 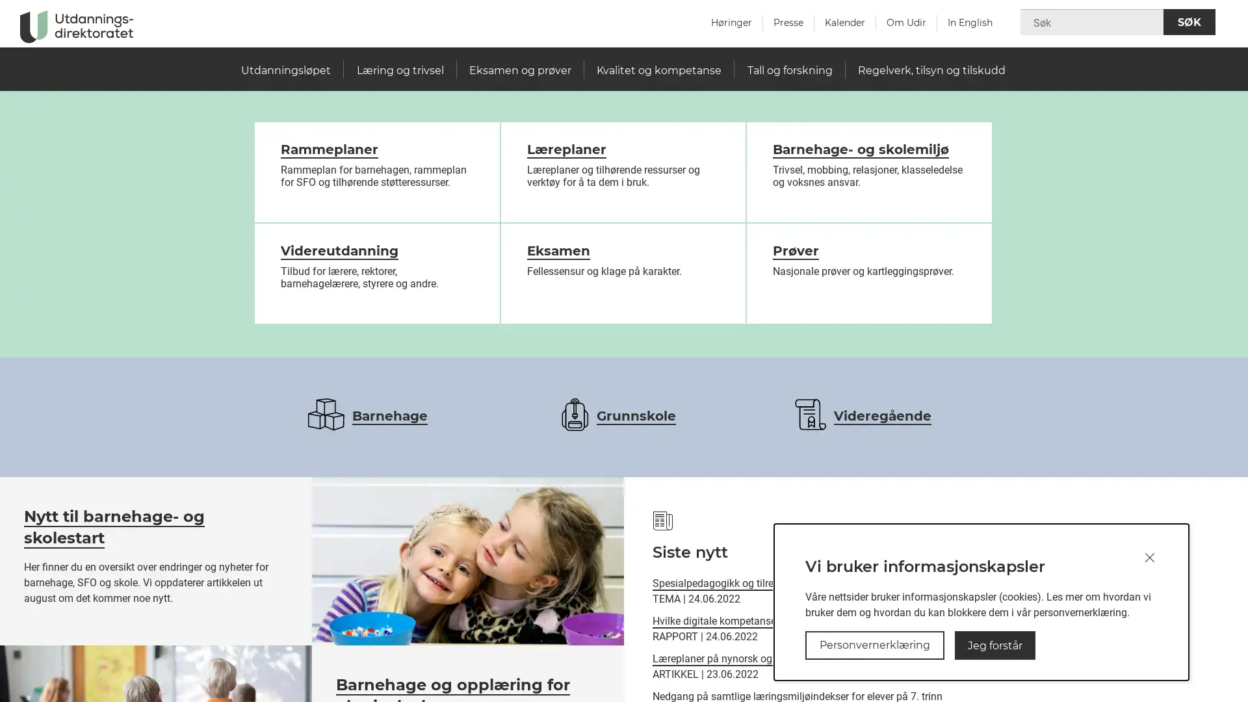 What do you see at coordinates (1189, 22) in the screenshot?
I see `Sk` at bounding box center [1189, 22].